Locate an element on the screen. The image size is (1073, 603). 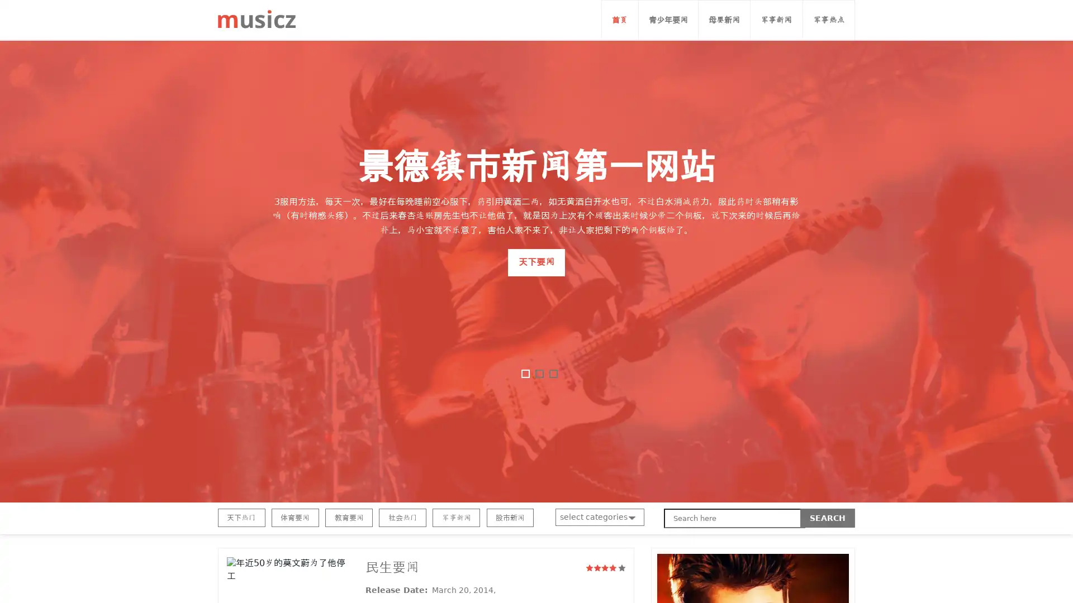
search is located at coordinates (828, 518).